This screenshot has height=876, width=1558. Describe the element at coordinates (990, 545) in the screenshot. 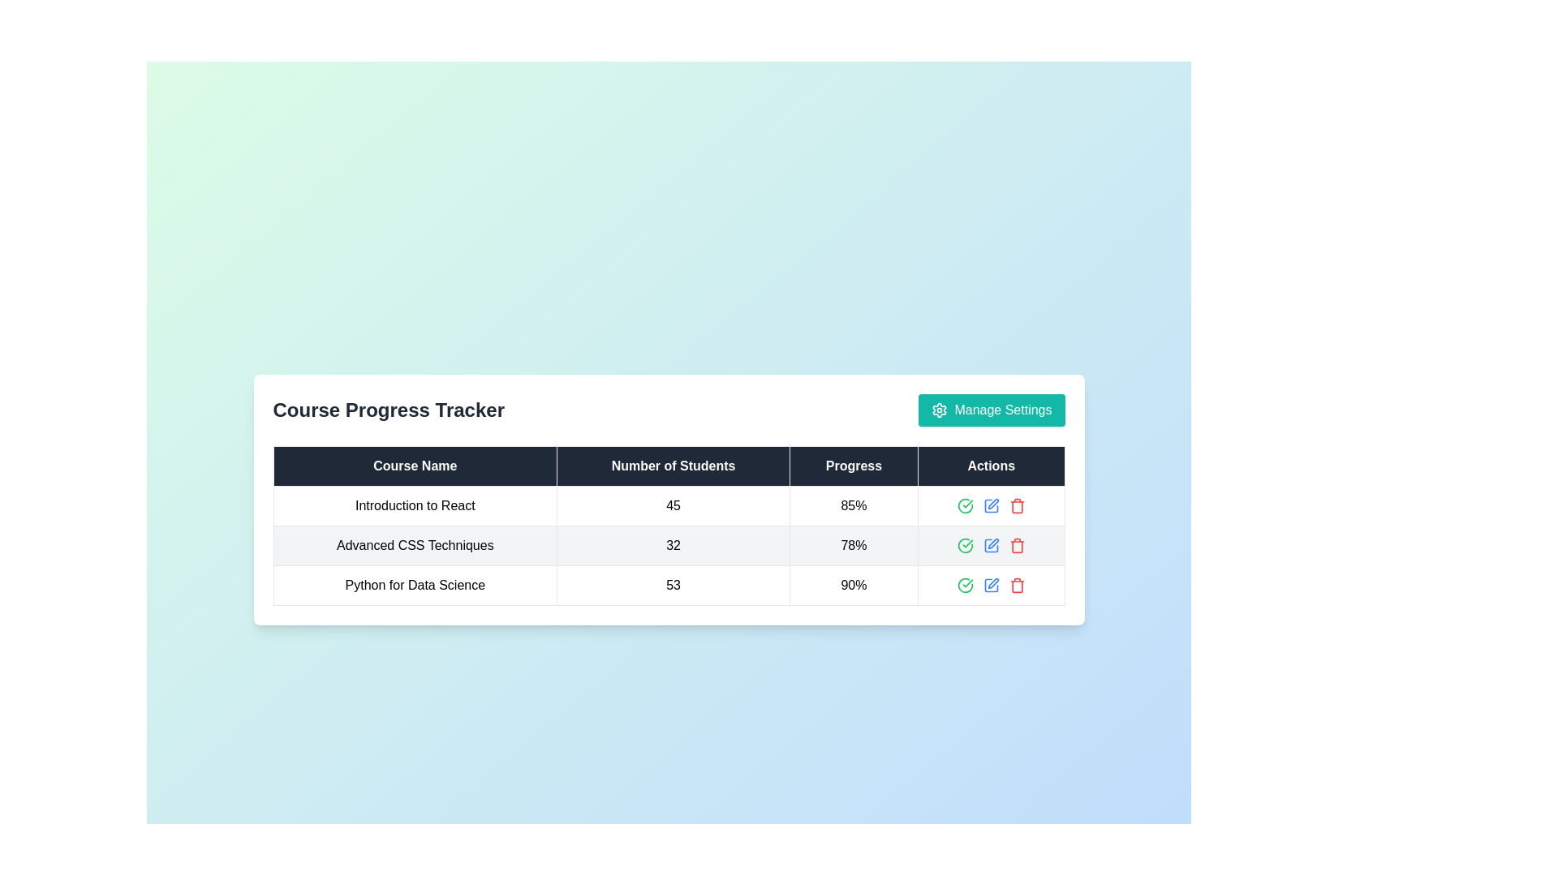

I see `the blue pen icon button located in the second row under the 'Actions' column` at that location.